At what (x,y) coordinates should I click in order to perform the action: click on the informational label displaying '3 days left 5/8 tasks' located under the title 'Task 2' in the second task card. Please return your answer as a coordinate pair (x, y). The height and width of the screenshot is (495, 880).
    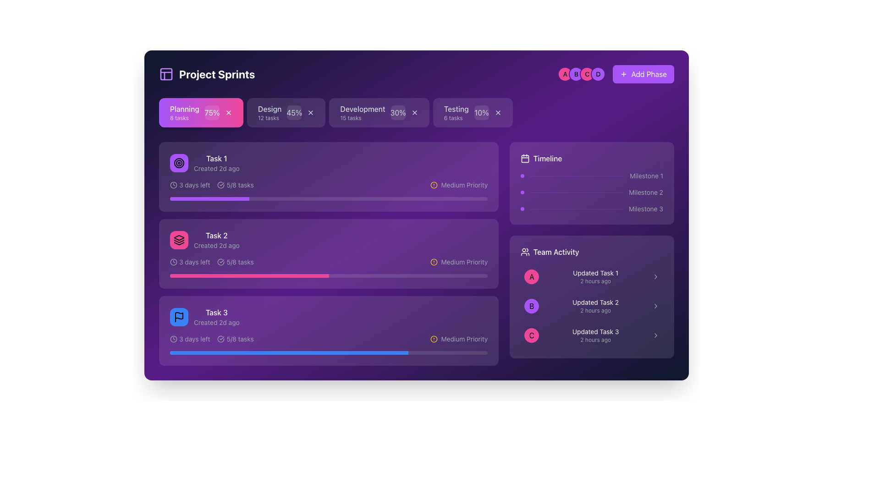
    Looking at the image, I should click on (211, 262).